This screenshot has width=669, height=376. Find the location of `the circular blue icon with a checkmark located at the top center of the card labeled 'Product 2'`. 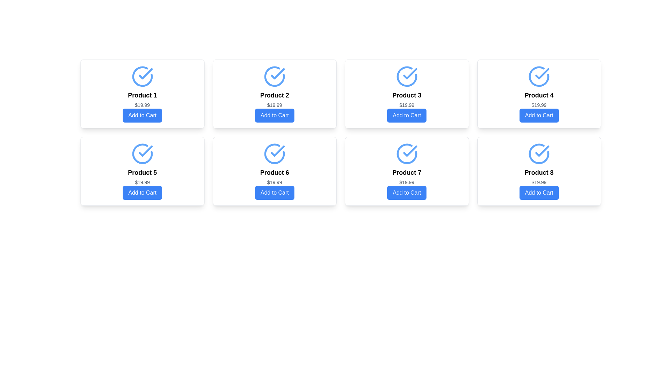

the circular blue icon with a checkmark located at the top center of the card labeled 'Product 2' is located at coordinates (274, 76).